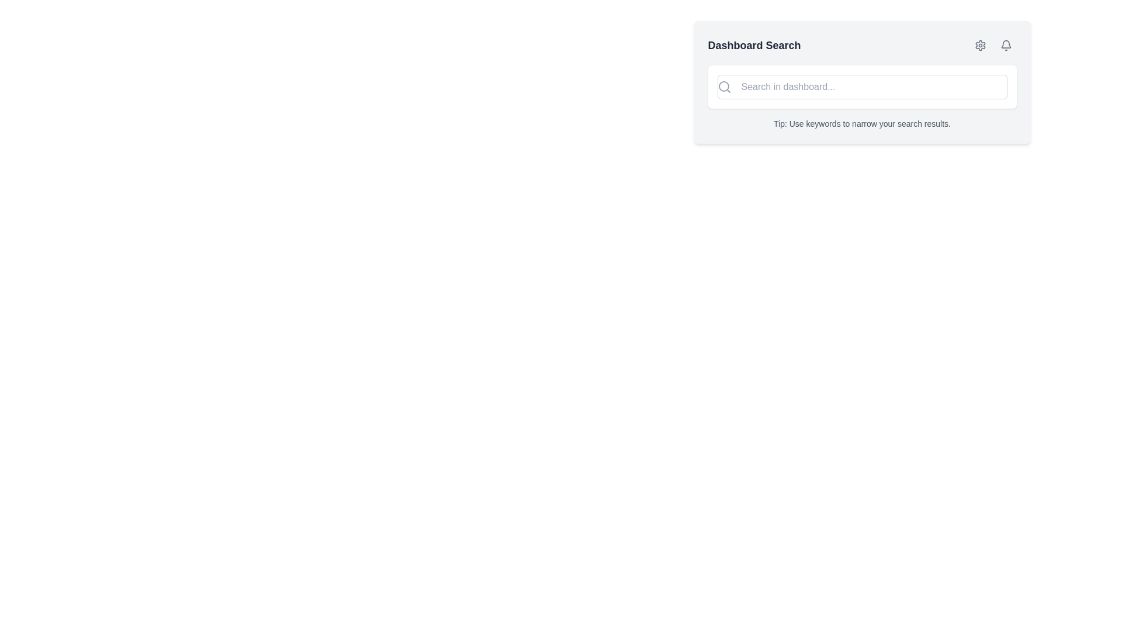 The image size is (1122, 631). What do you see at coordinates (723, 85) in the screenshot?
I see `the circular component of the magnifying glass icon located on the left side of the dashboard search input box` at bounding box center [723, 85].